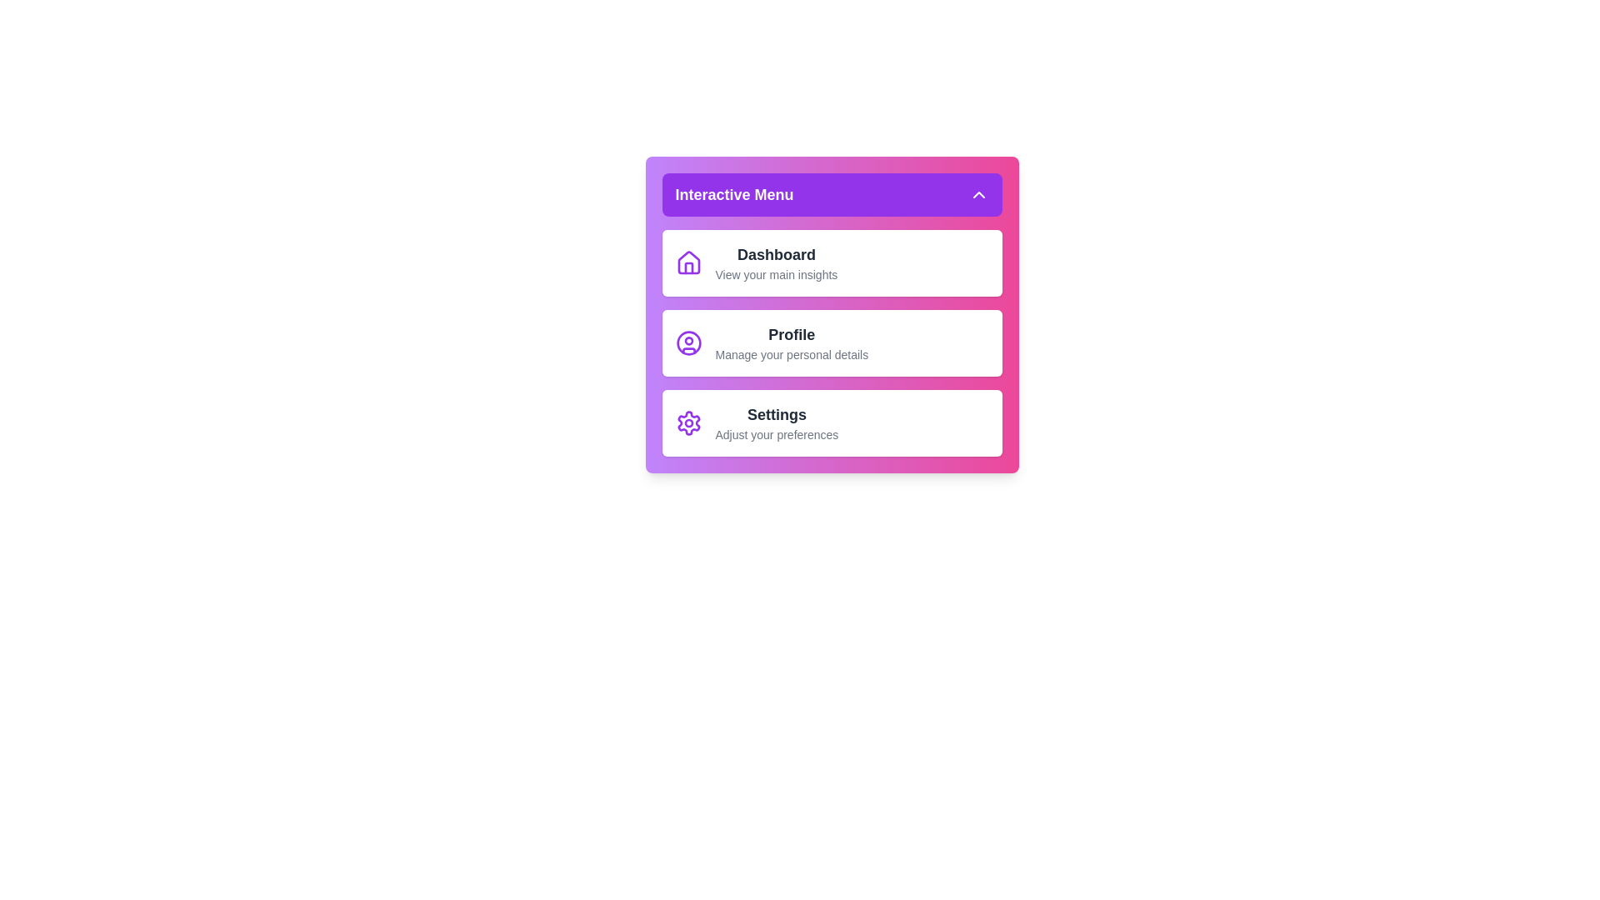 The image size is (1600, 900). Describe the element at coordinates (832, 262) in the screenshot. I see `the menu item Dashboard` at that location.